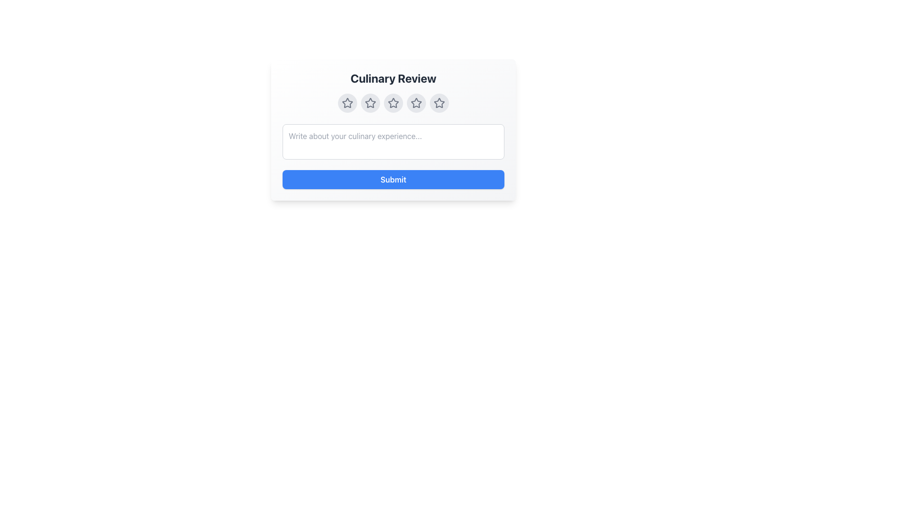  What do you see at coordinates (393, 103) in the screenshot?
I see `the third star icon` at bounding box center [393, 103].